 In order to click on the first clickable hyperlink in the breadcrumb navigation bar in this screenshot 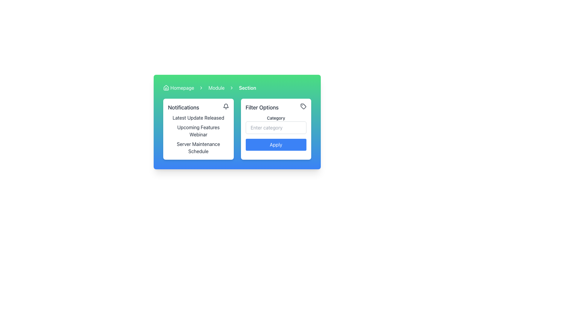, I will do `click(178, 88)`.